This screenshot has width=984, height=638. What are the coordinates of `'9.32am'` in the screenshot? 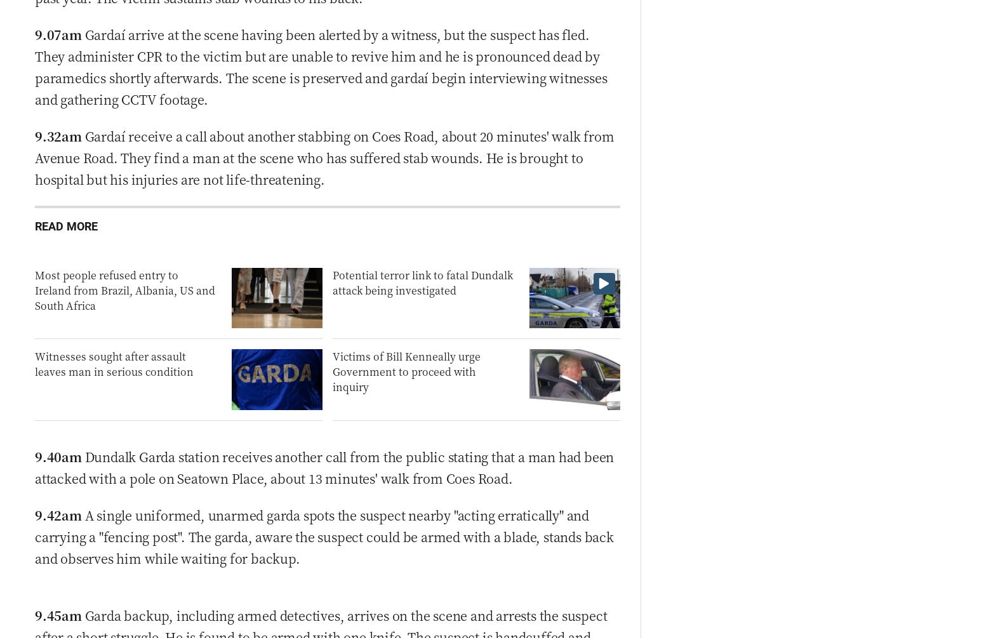 It's located at (58, 135).